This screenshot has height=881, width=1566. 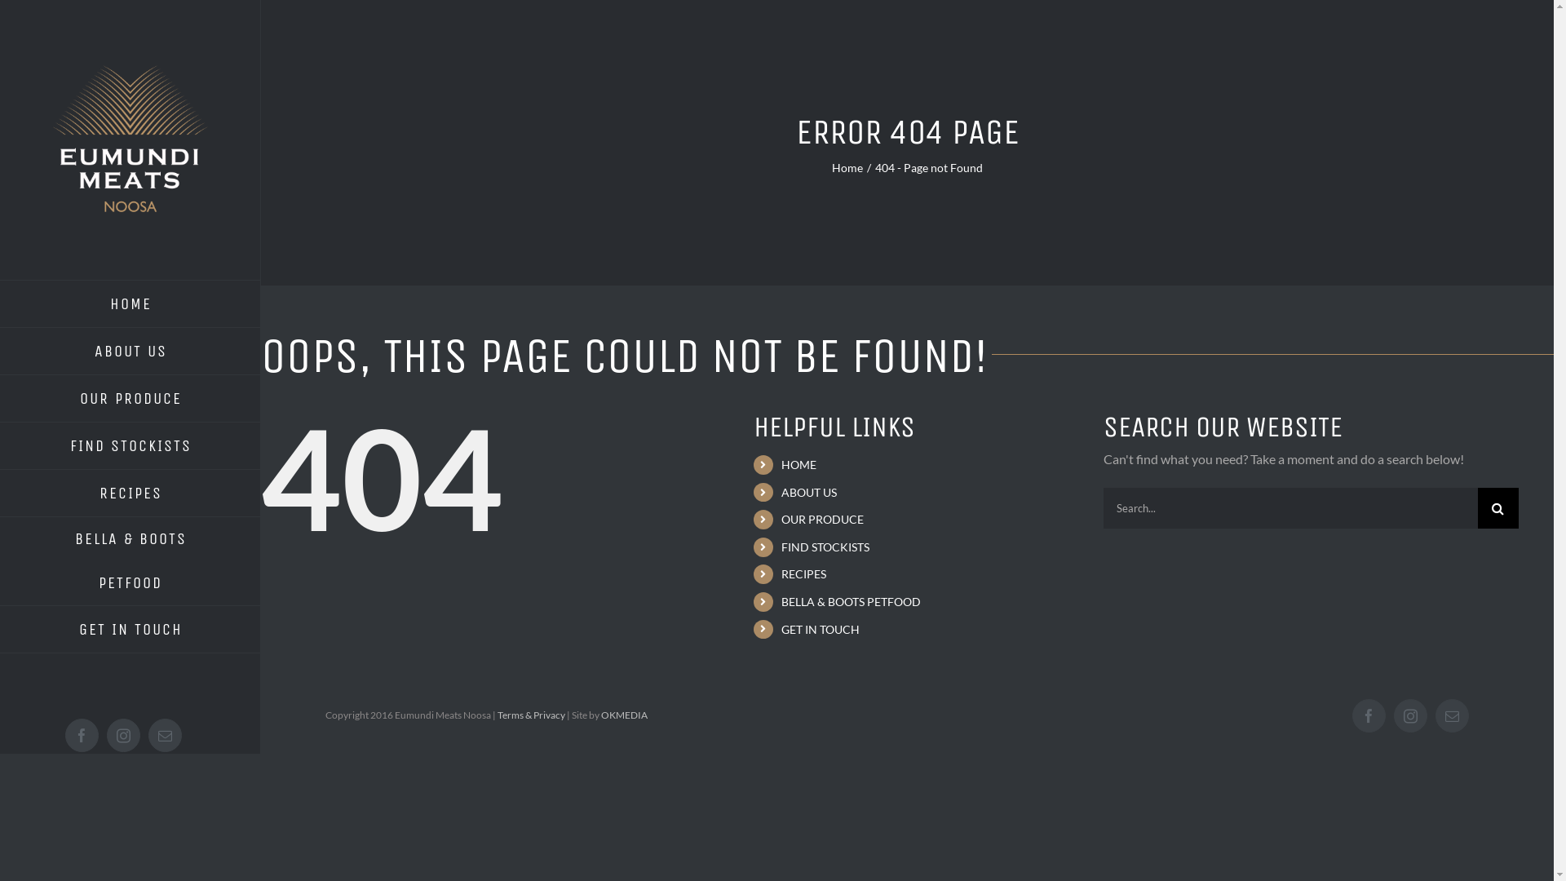 I want to click on 'Terms & Privacy', so click(x=531, y=714).